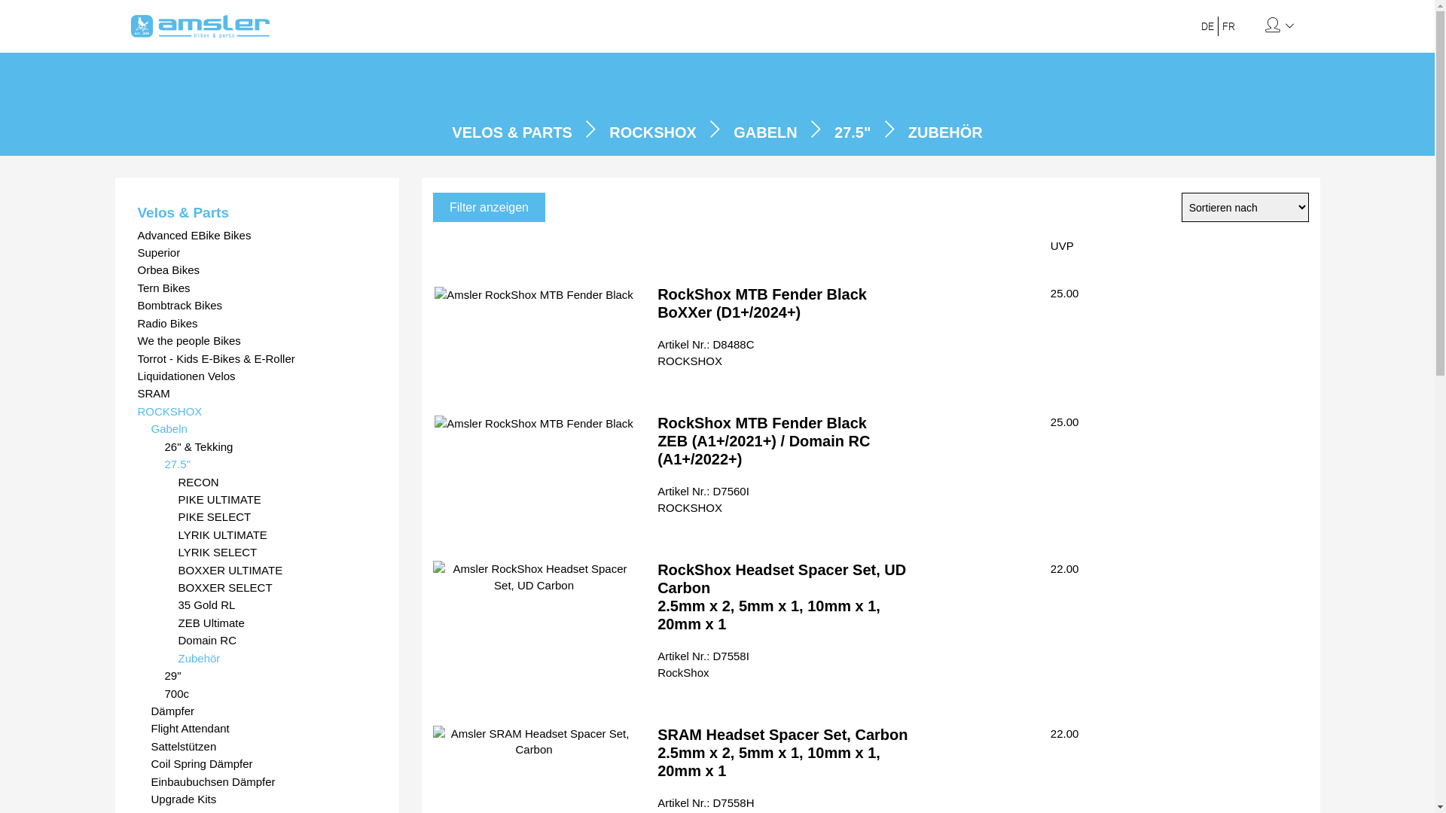  What do you see at coordinates (277, 623) in the screenshot?
I see `'ZEB Ultimate'` at bounding box center [277, 623].